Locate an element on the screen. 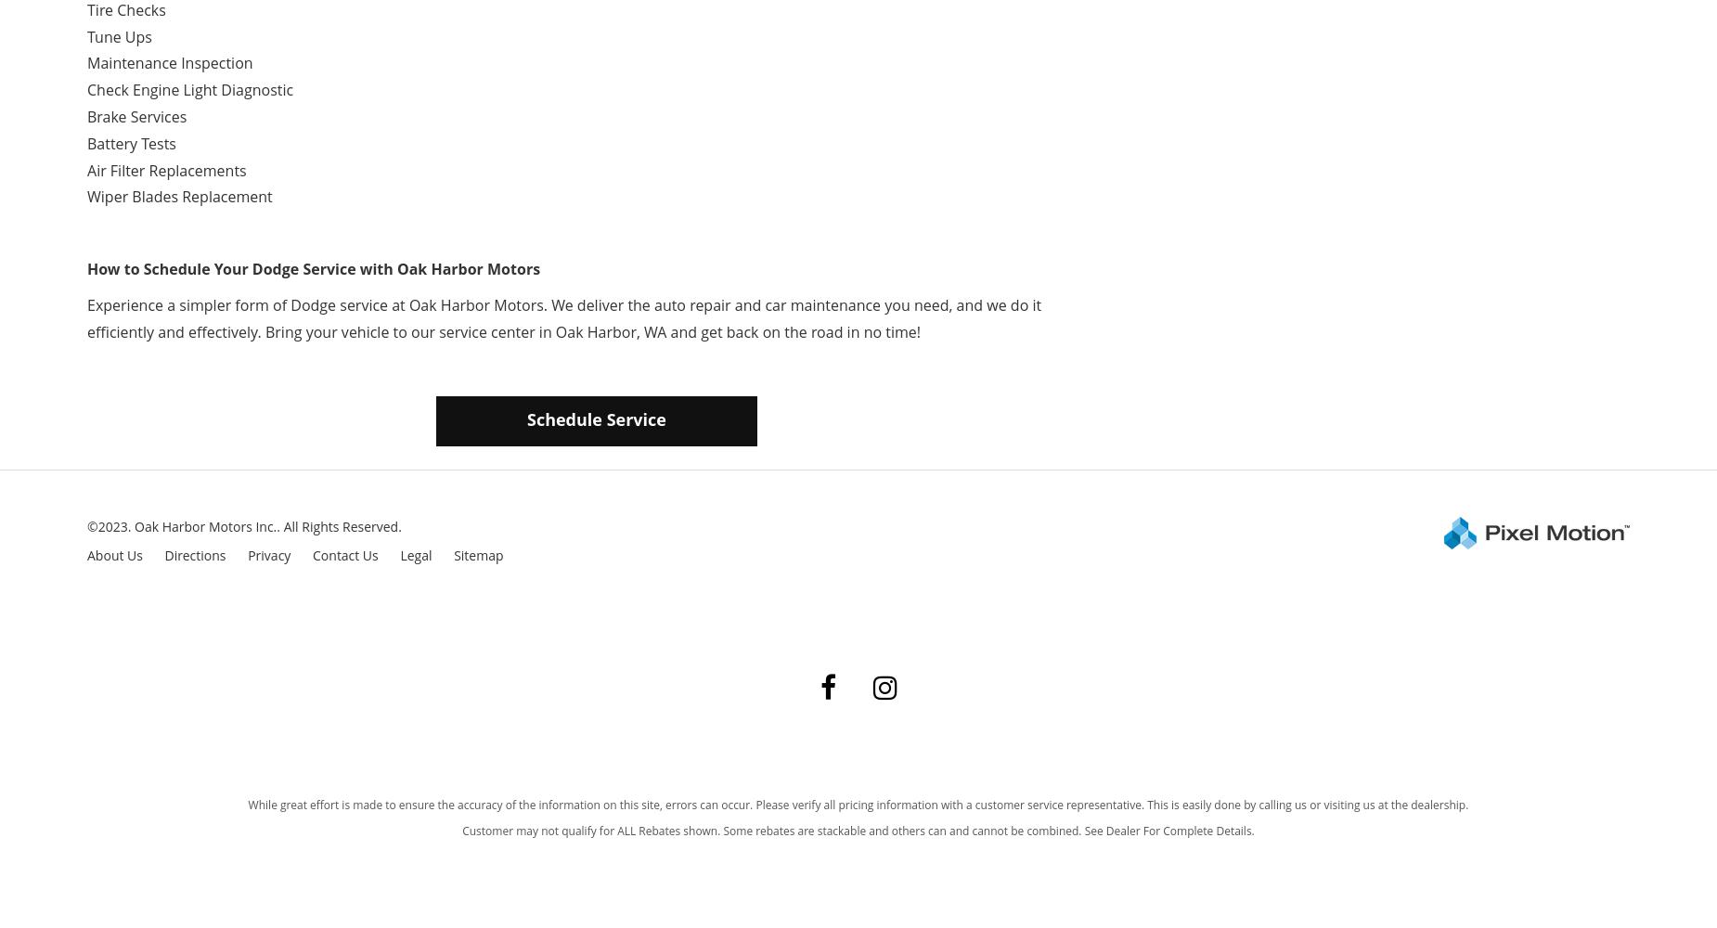 This screenshot has height=928, width=1717. 'Legal' is located at coordinates (399, 554).